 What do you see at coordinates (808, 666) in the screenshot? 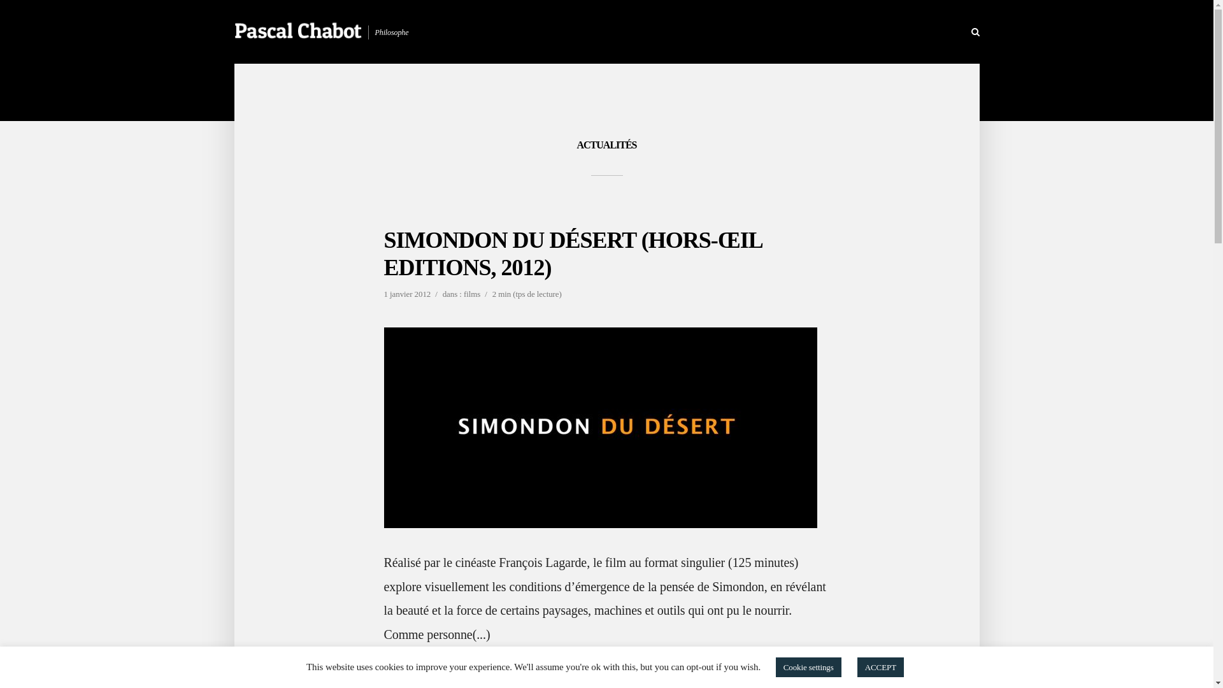
I see `'Cookie settings'` at bounding box center [808, 666].